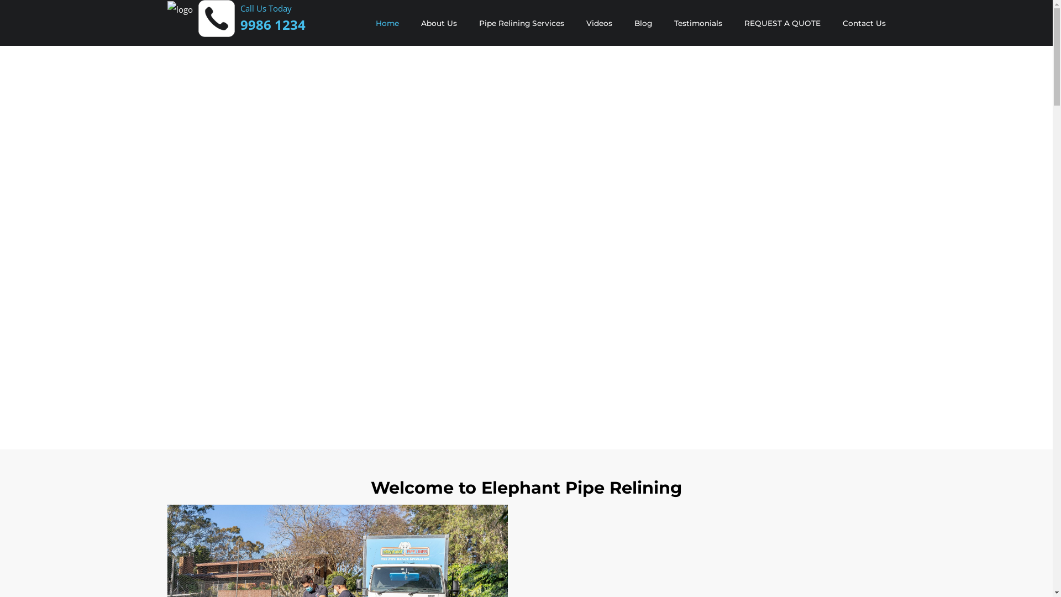 The width and height of the screenshot is (1061, 597). I want to click on 'Call Us Today, so click(272, 17).